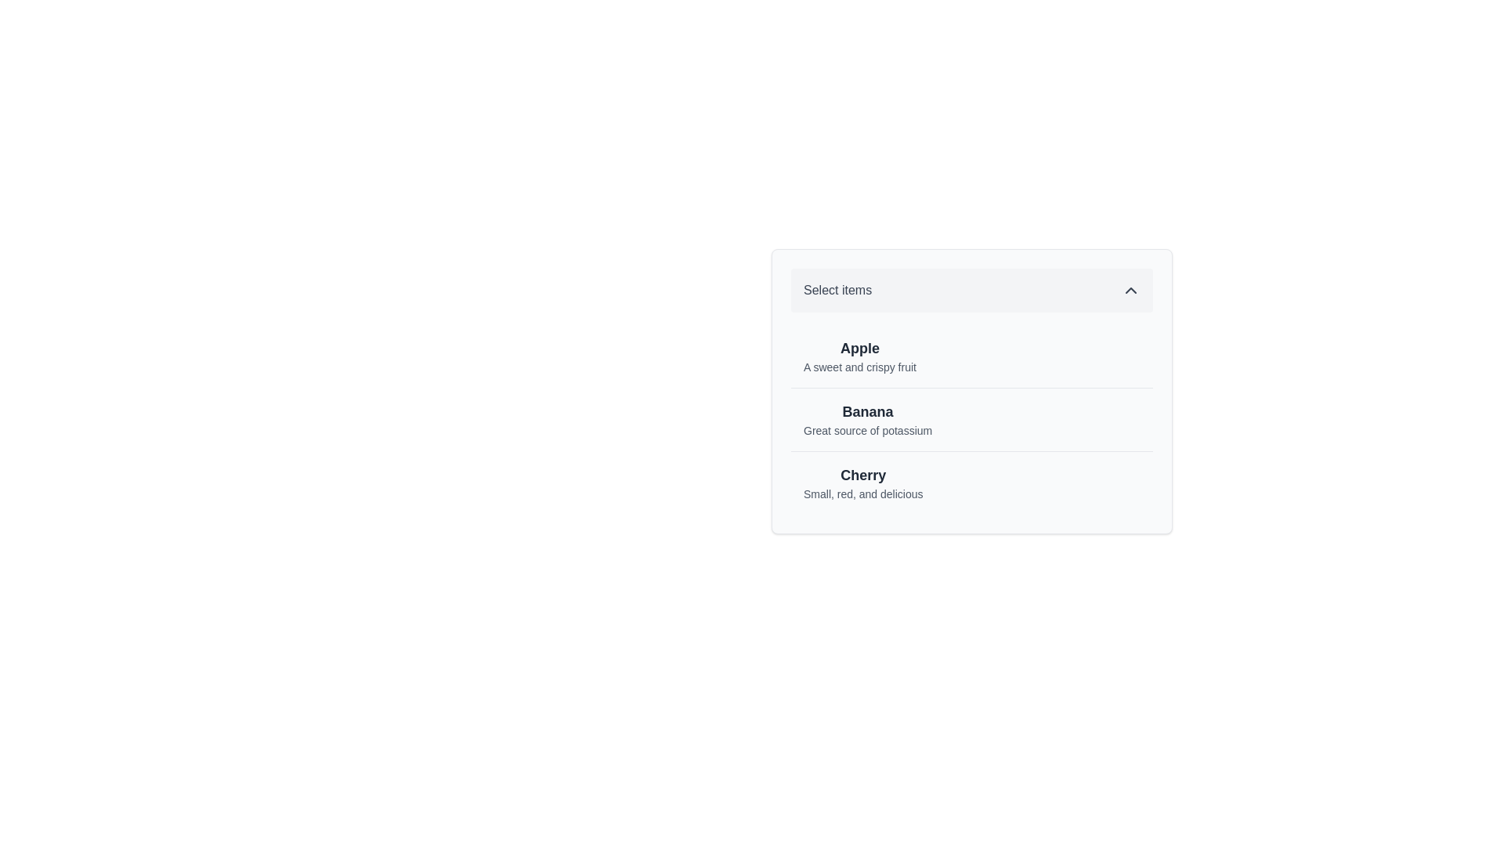 This screenshot has width=1504, height=846. Describe the element at coordinates (837, 290) in the screenshot. I see `the Text label positioned within the dropdown header, next to the chevron-up icon, indicating the purpose or state of the dropdown` at that location.